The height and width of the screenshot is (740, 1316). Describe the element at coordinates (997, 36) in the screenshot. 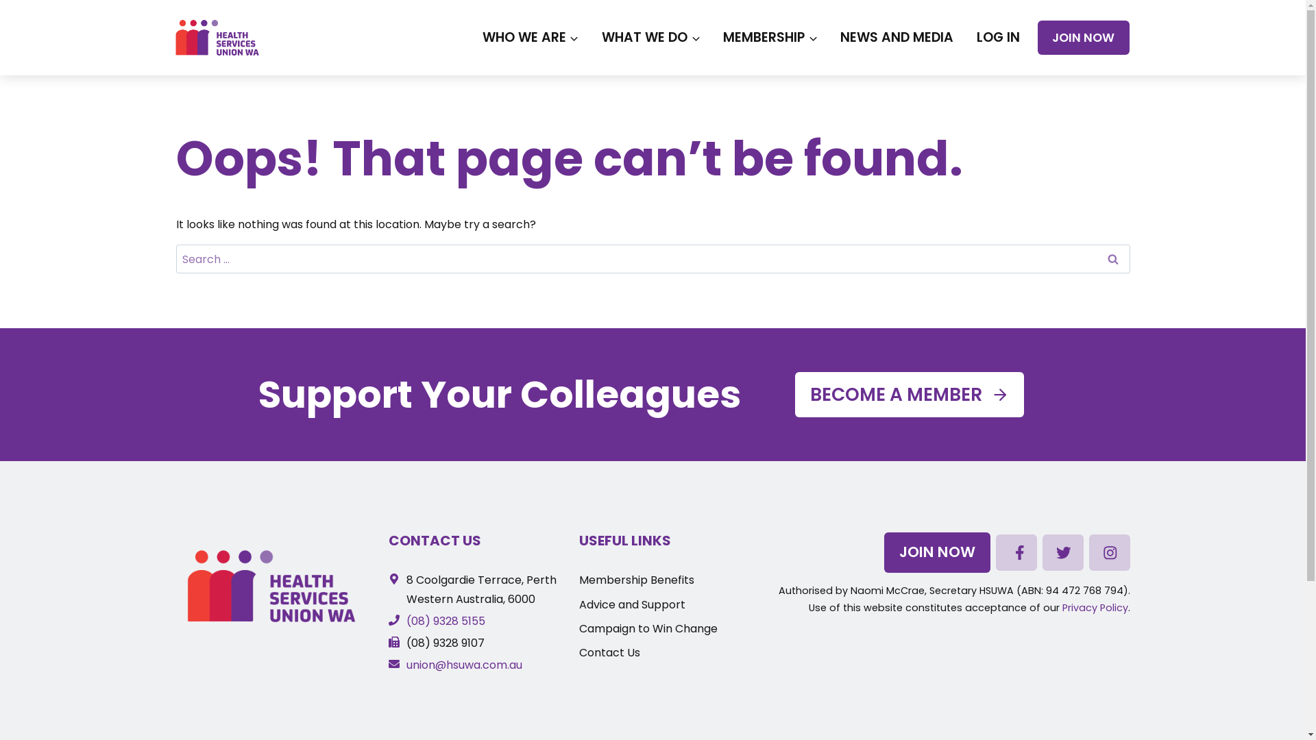

I see `'LOG IN'` at that location.